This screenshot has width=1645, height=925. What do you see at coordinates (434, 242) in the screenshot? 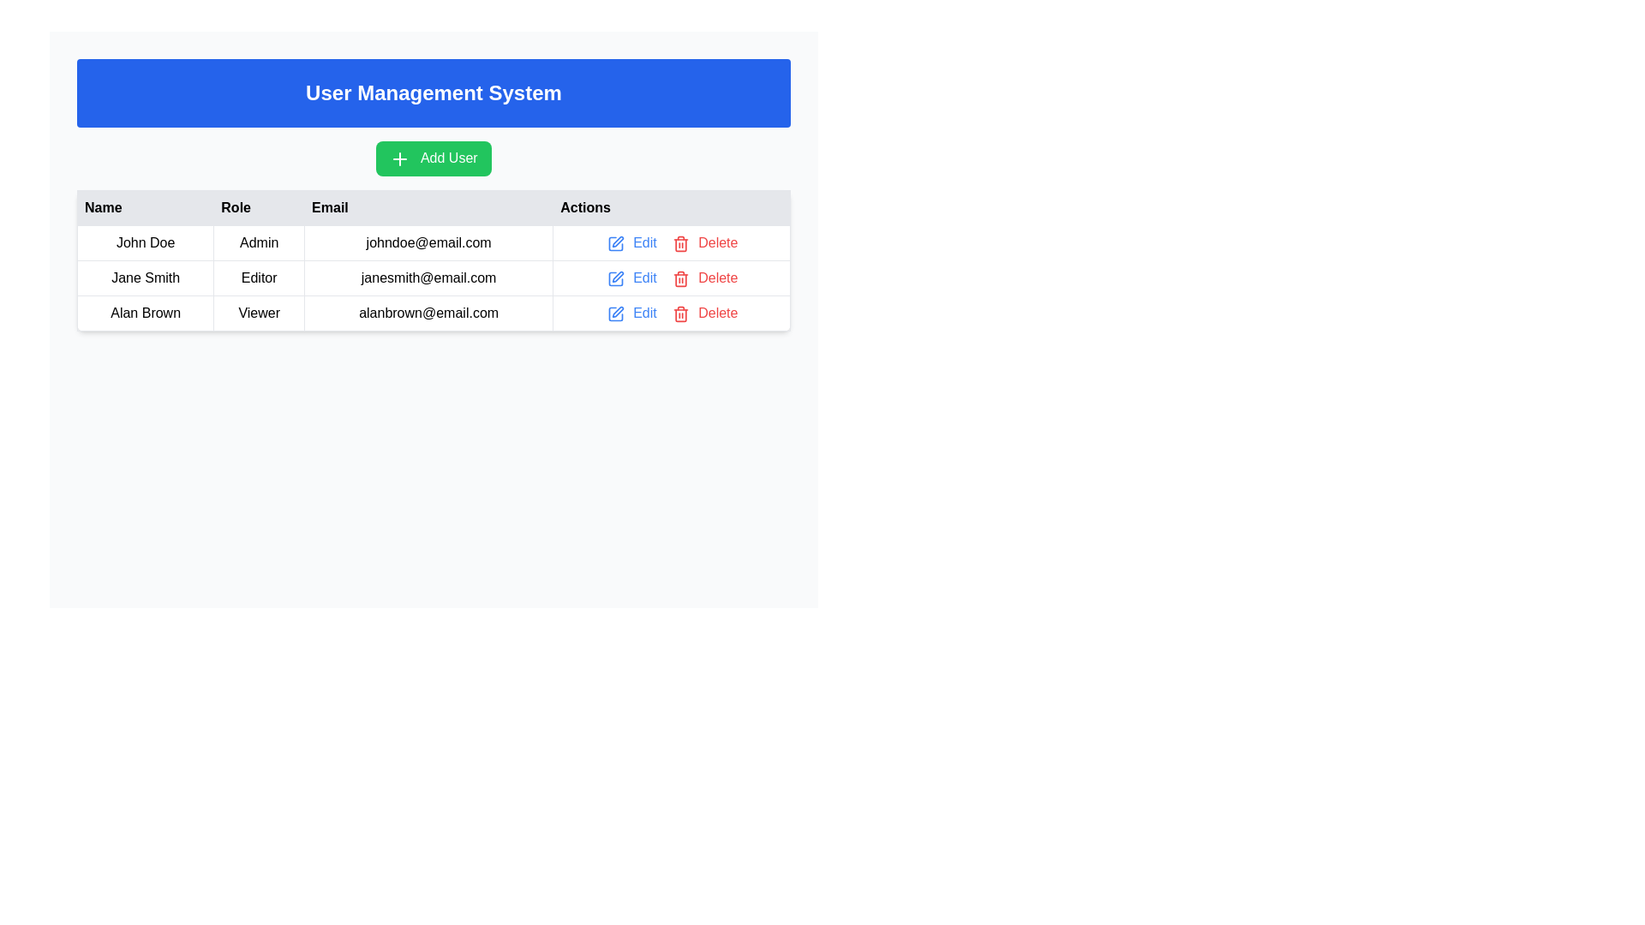
I see `user's details from the first row of the data table, which contains the text 'John Doe', 'Admin', and 'johndoe@email.com', along with interactive buttons 'Edit' and 'Delete'` at bounding box center [434, 242].